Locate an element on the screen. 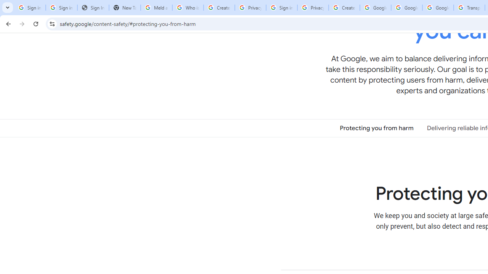  'Create your Google Account' is located at coordinates (344, 8).